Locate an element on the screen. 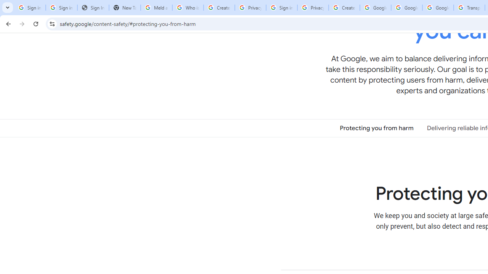  'Create your Google Account' is located at coordinates (344, 8).